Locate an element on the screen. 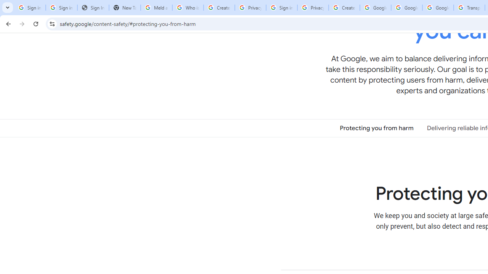  'Create your Google Account' is located at coordinates (344, 8).